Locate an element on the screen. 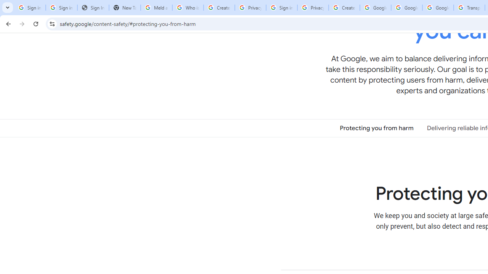  'Create your Google Account' is located at coordinates (344, 8).